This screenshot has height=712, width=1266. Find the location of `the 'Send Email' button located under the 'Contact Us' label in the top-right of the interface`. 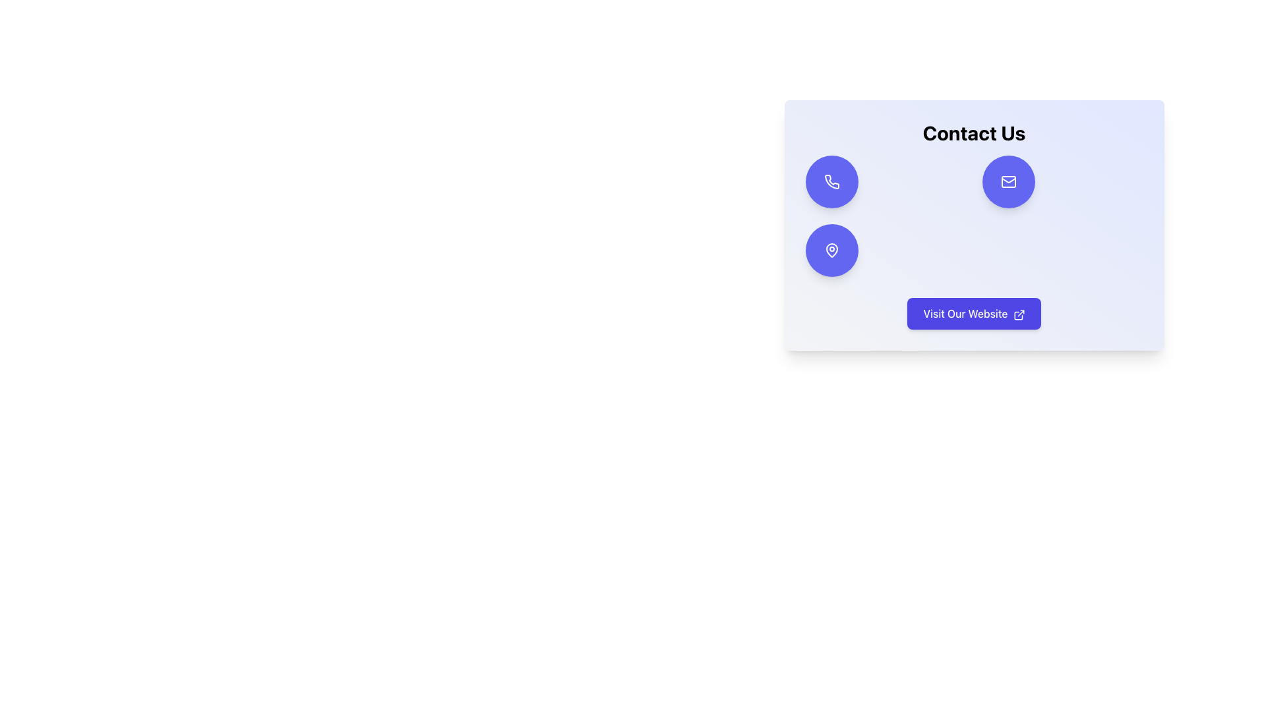

the 'Send Email' button located under the 'Contact Us' label in the top-right of the interface is located at coordinates (1008, 182).